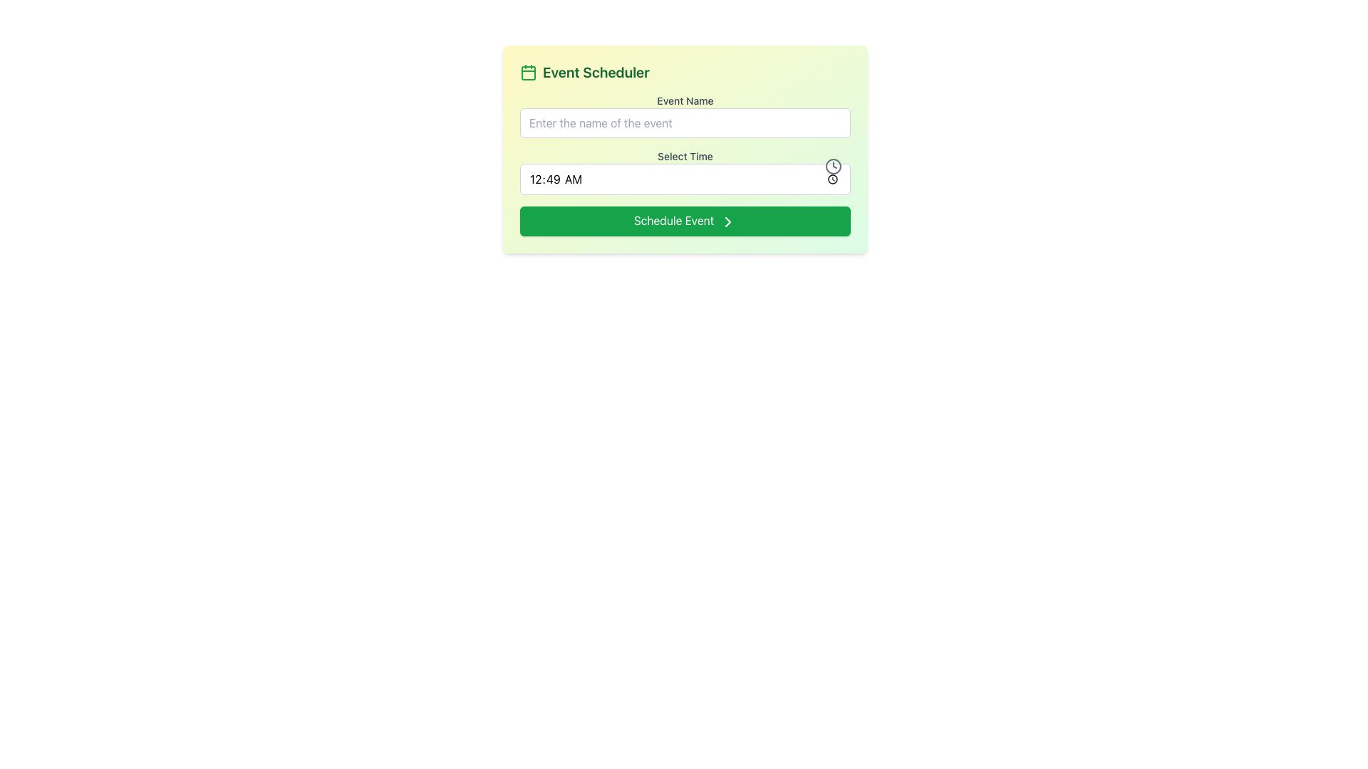 This screenshot has width=1368, height=769. Describe the element at coordinates (528, 73) in the screenshot. I see `the inner rectangle of the green decorative calendar icon located to the left of the 'Event Scheduler' text at the top of the interface` at that location.